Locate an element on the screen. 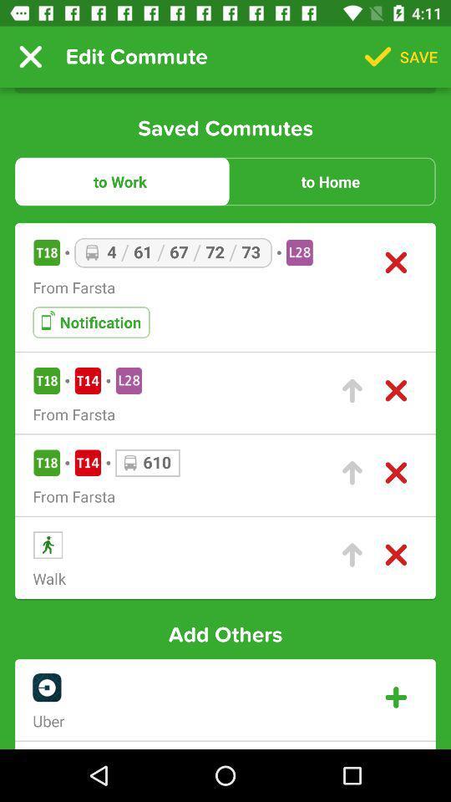 The image size is (451, 802). reject option is located at coordinates (395, 555).